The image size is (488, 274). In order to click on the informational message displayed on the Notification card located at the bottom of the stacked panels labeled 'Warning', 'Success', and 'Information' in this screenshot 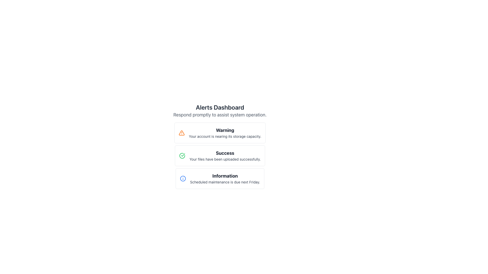, I will do `click(220, 178)`.